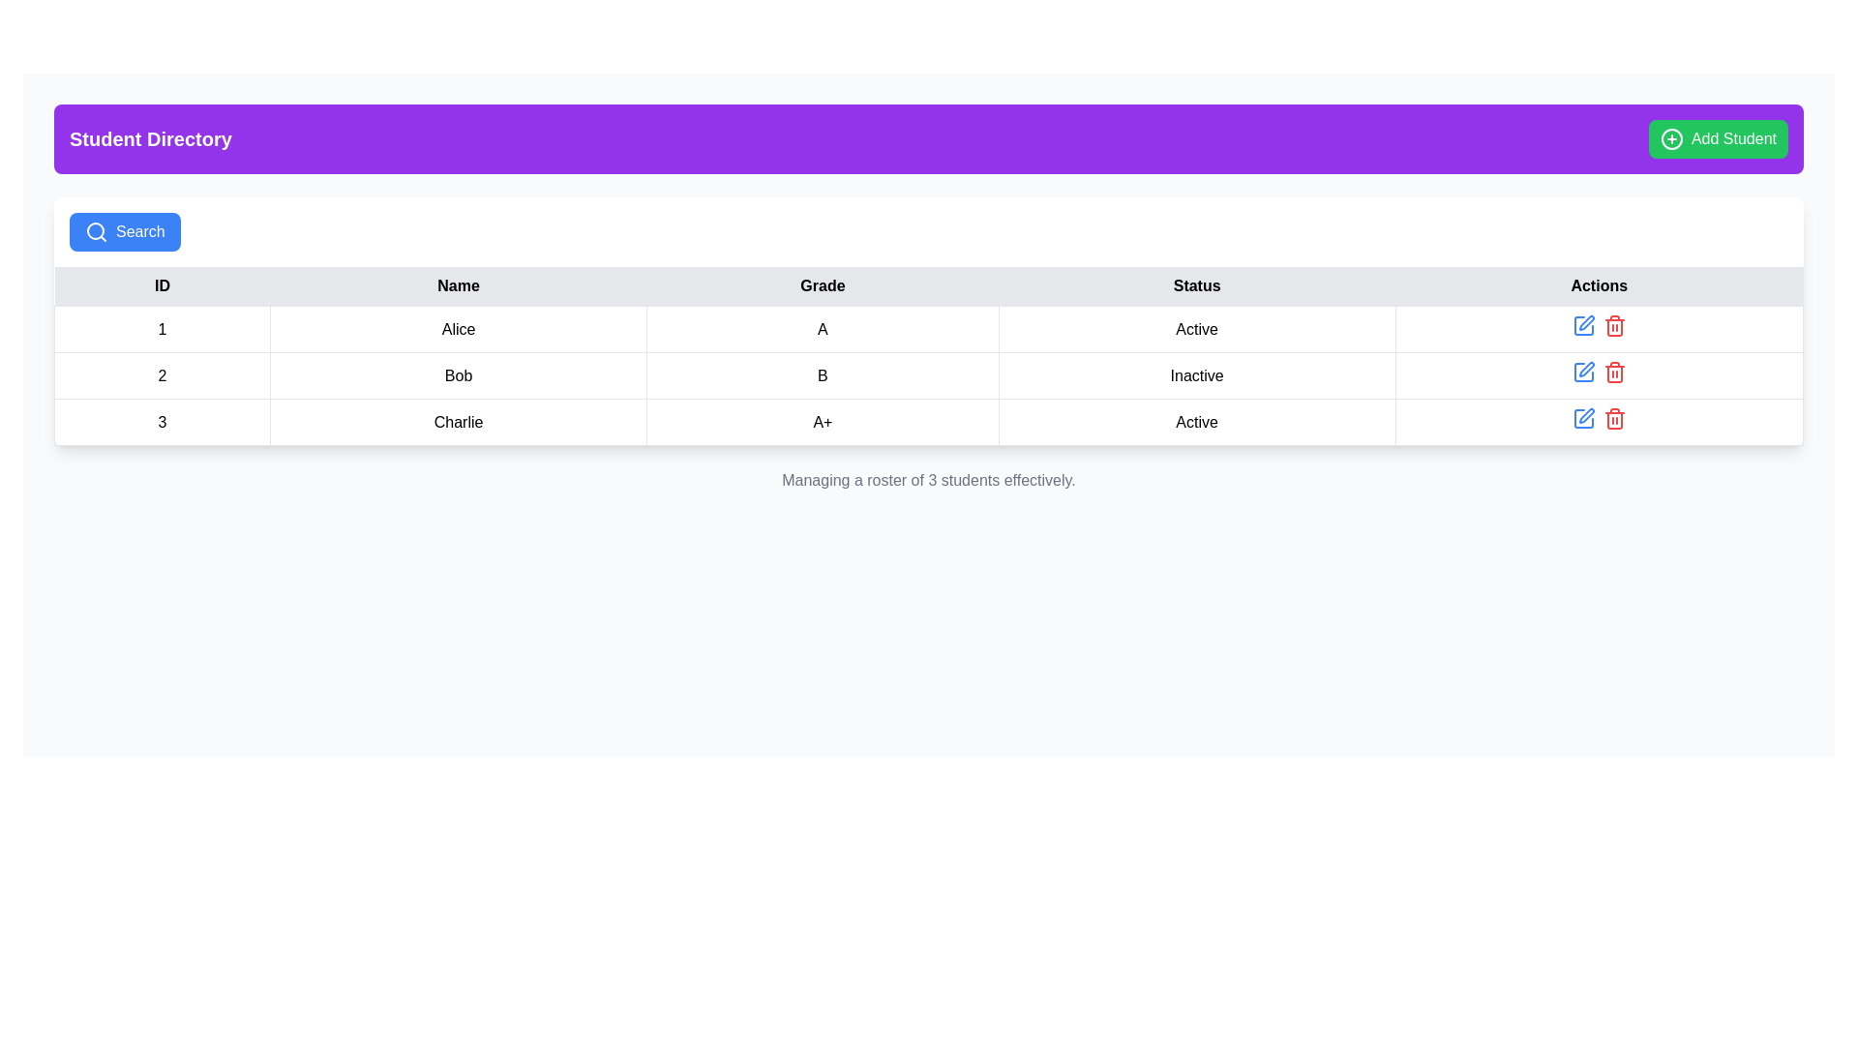 The height and width of the screenshot is (1045, 1858). I want to click on the edit button in the 'Actions' column of the second row for the student named Bob to modify the associated student record, so click(1586, 369).